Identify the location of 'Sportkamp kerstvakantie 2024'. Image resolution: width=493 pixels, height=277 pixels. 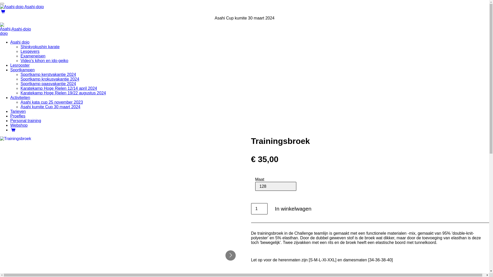
(48, 74).